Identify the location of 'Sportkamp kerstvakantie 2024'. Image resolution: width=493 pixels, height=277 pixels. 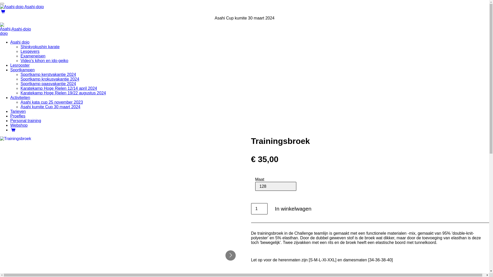
(48, 74).